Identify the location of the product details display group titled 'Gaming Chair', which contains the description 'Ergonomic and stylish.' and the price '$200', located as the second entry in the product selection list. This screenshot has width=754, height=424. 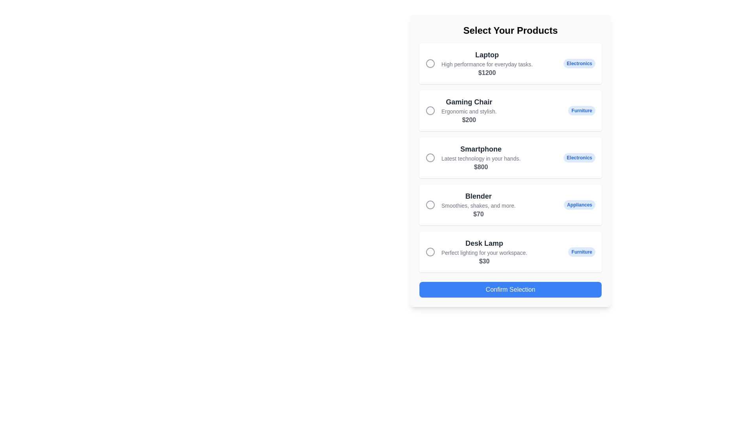
(469, 110).